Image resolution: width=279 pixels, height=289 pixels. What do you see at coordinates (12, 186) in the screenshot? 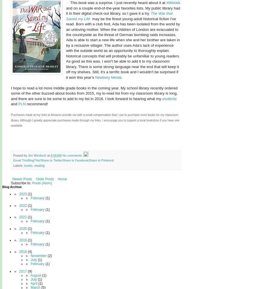
I see `'Blog Archive'` at bounding box center [12, 186].